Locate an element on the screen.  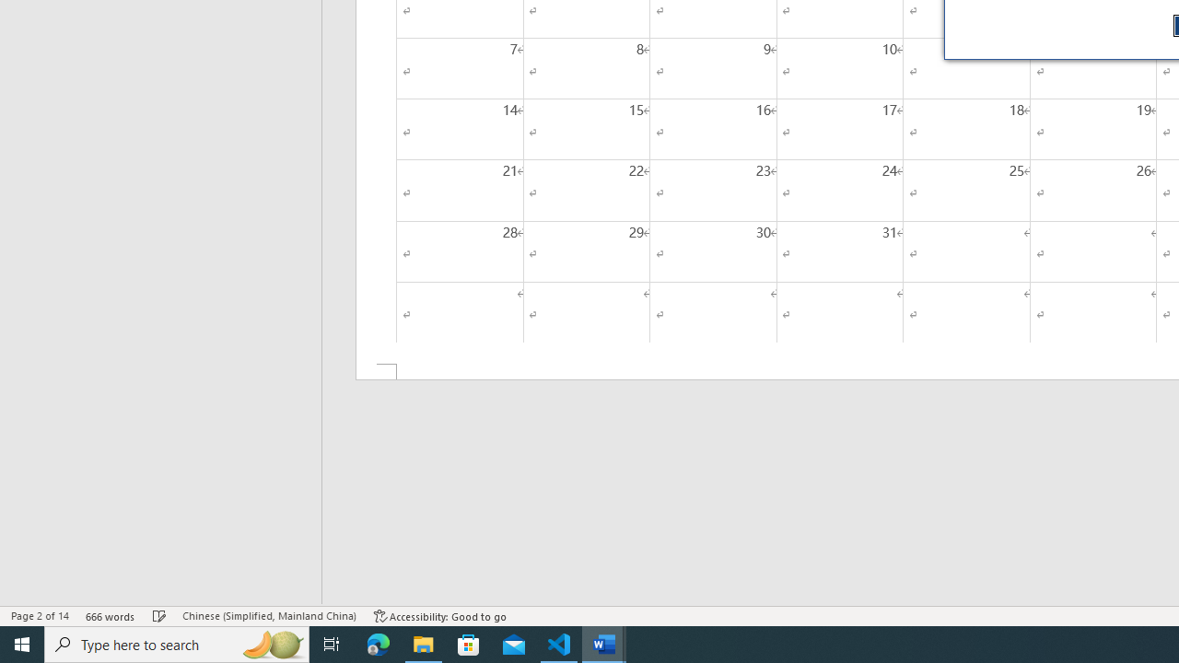
'Visual Studio Code - 1 running window' is located at coordinates (558, 643).